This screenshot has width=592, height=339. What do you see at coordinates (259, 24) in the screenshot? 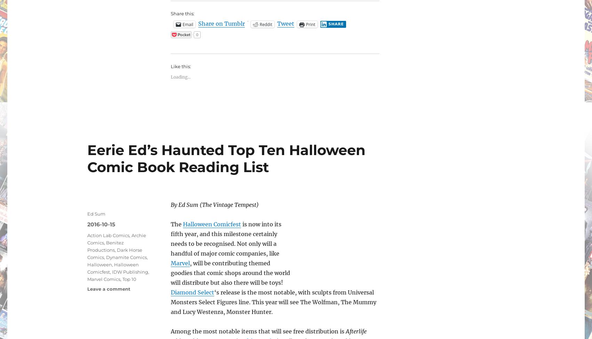
I see `'Reddit'` at bounding box center [259, 24].